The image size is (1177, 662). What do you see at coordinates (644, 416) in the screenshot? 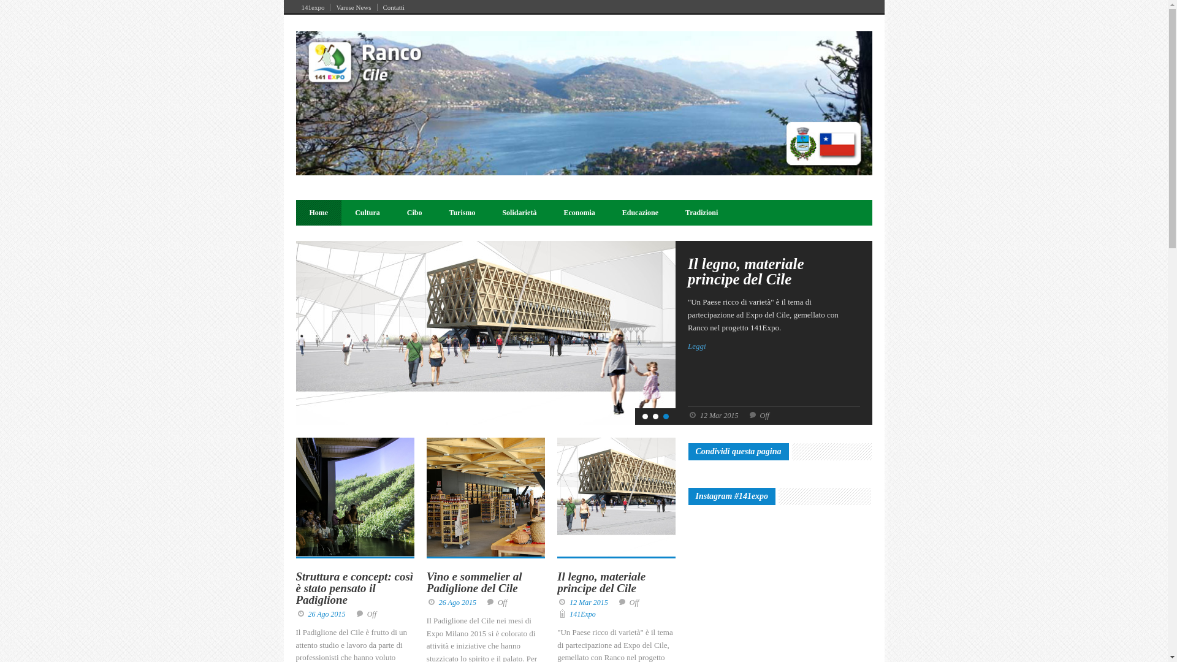
I see `'1'` at bounding box center [644, 416].